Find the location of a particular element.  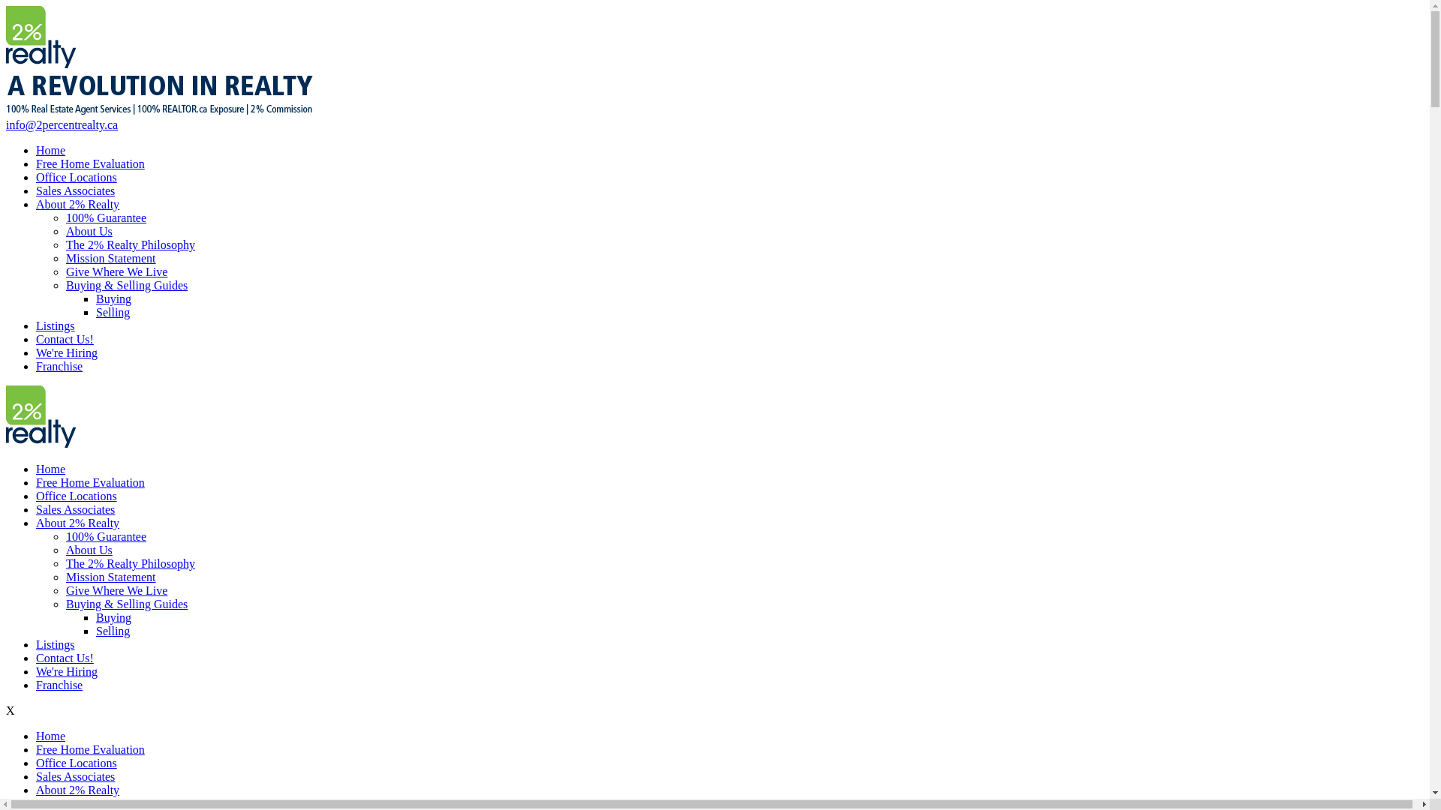

'Office Locations' is located at coordinates (75, 176).